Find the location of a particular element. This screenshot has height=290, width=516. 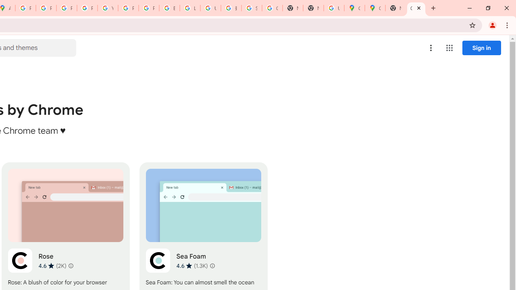

'Average rating 4.6 out of 5 stars. 1.3K ratings.' is located at coordinates (191, 265).